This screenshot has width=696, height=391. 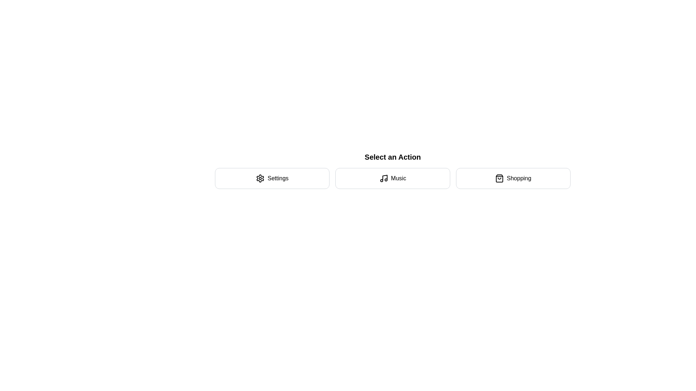 I want to click on the action Music by clicking on the corresponding button, so click(x=392, y=178).